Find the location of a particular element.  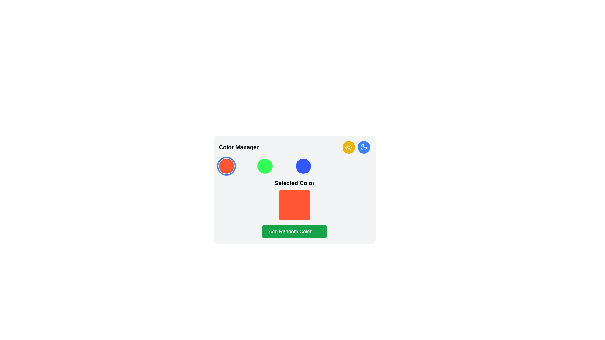

the circular color selector representing the green color option in the color manager interface is located at coordinates (265, 166).